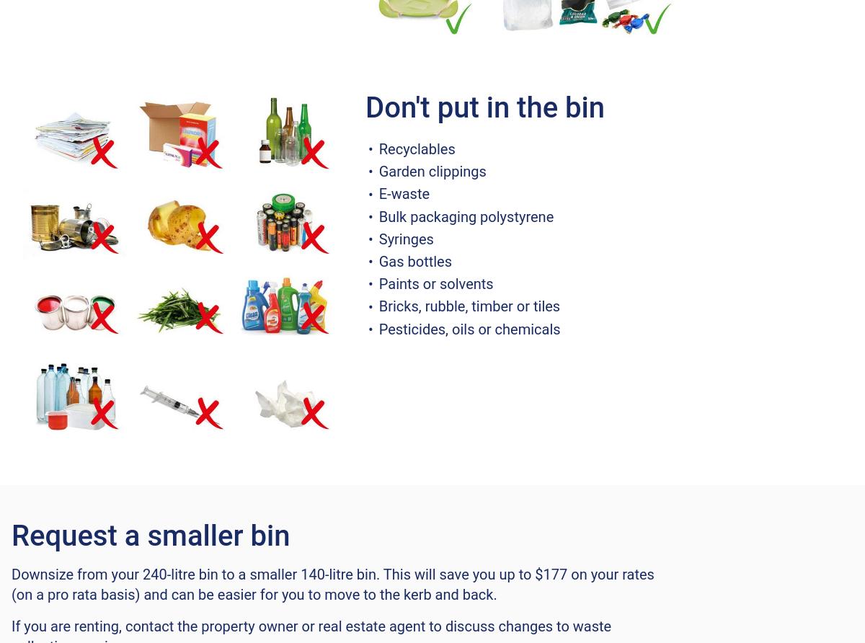 This screenshot has height=643, width=865. I want to click on 'Garden clippings', so click(434, 171).